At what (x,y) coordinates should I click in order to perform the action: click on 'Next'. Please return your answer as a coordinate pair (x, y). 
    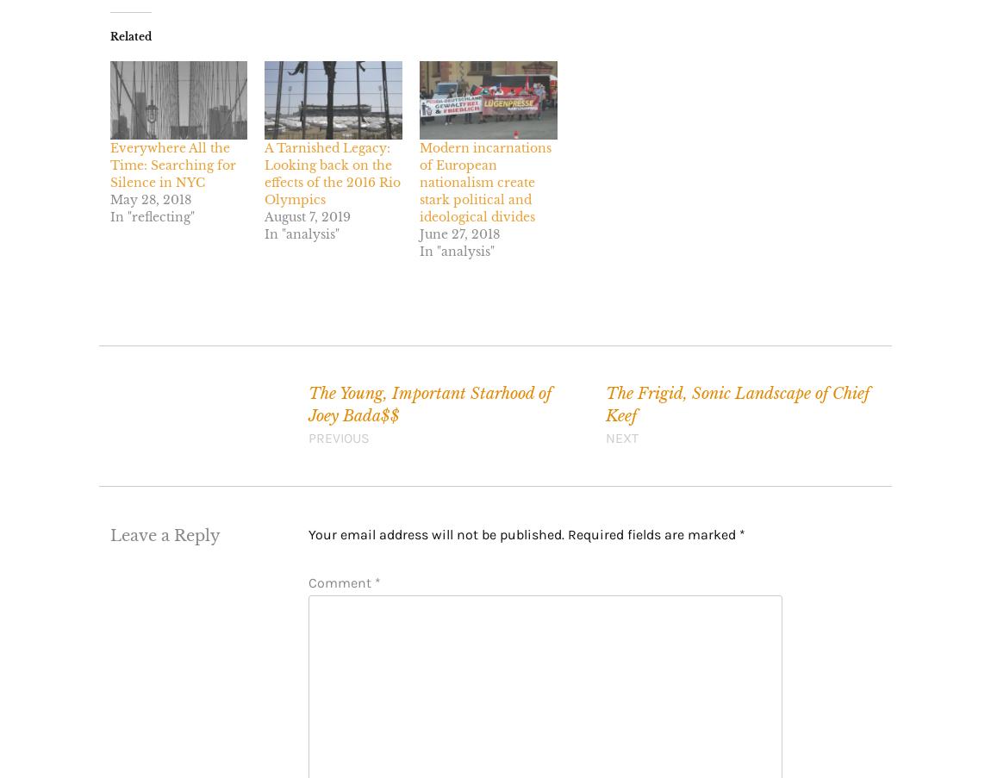
    Looking at the image, I should click on (603, 438).